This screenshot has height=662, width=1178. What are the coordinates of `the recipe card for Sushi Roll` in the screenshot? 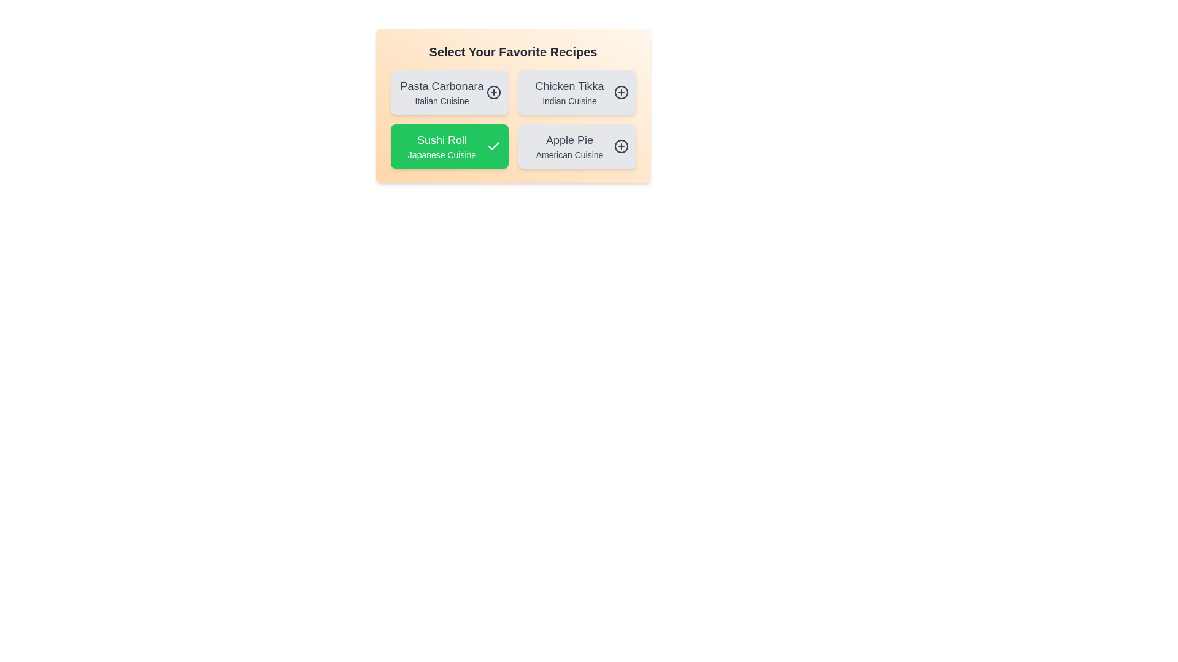 It's located at (448, 146).